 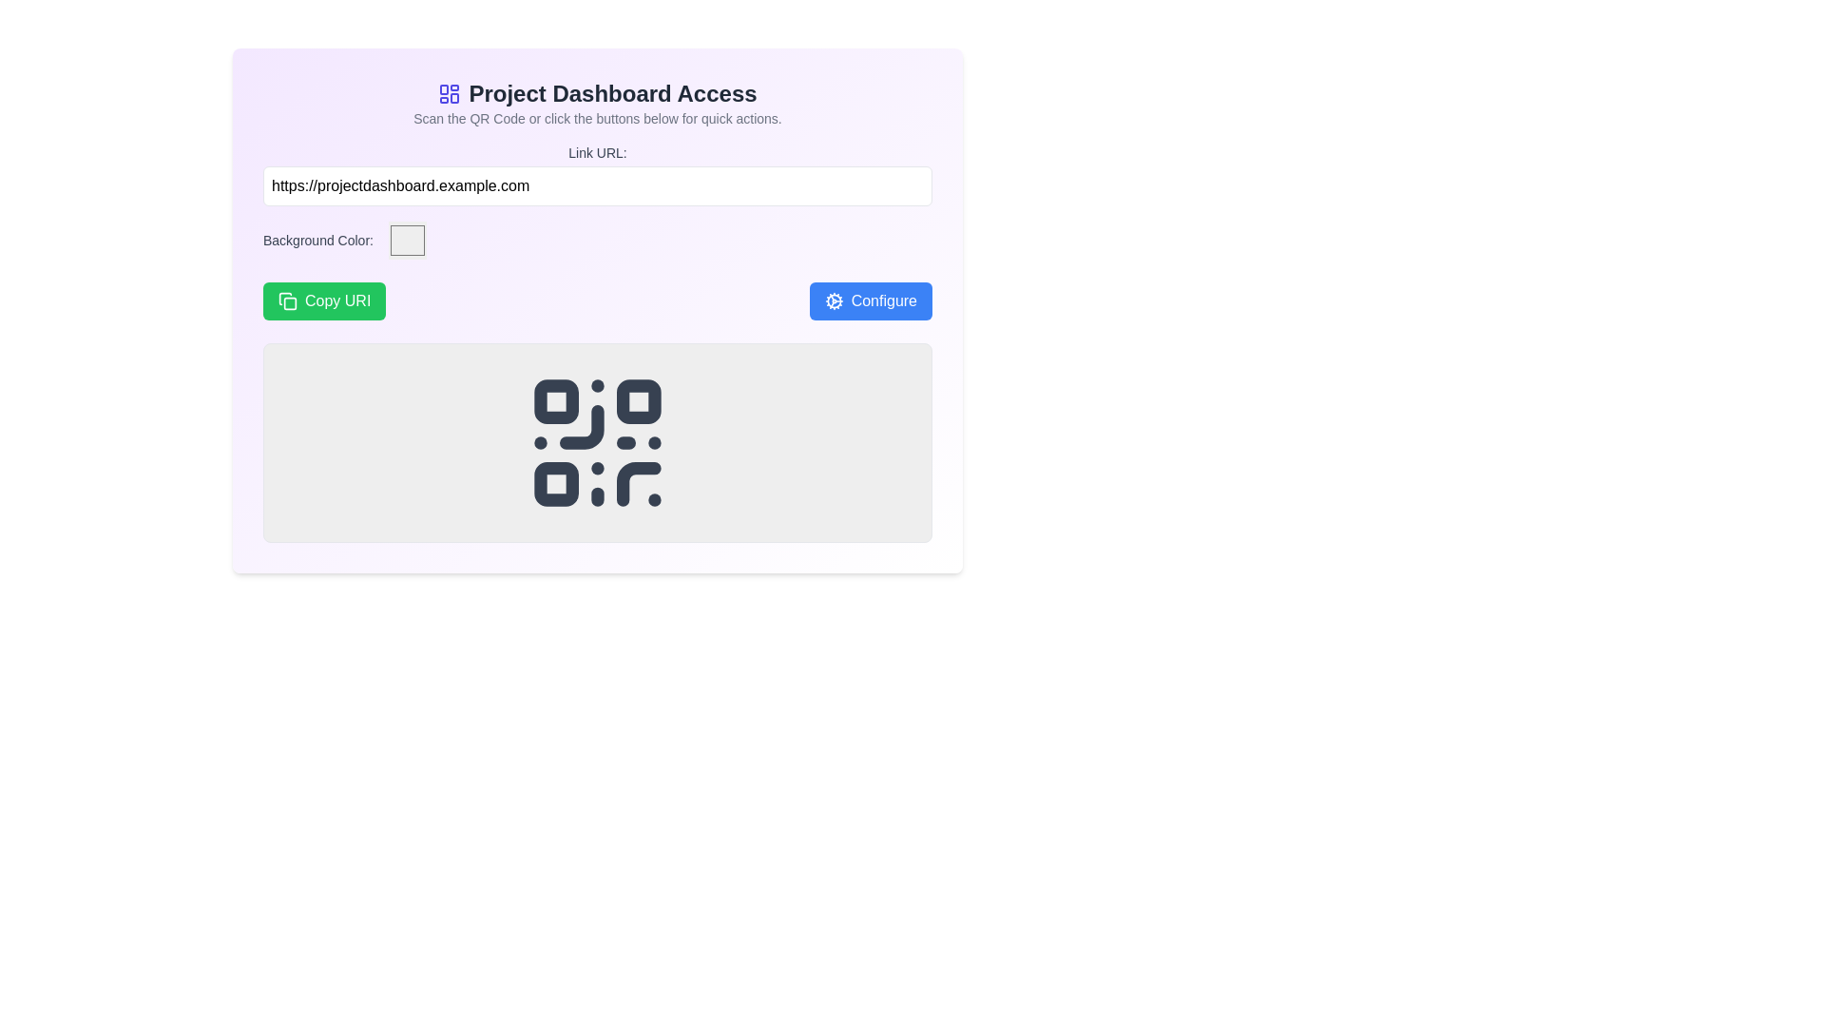 I want to click on the upper-left rectangular icon in the grid layout, which has visible corner rounding, so click(x=443, y=89).